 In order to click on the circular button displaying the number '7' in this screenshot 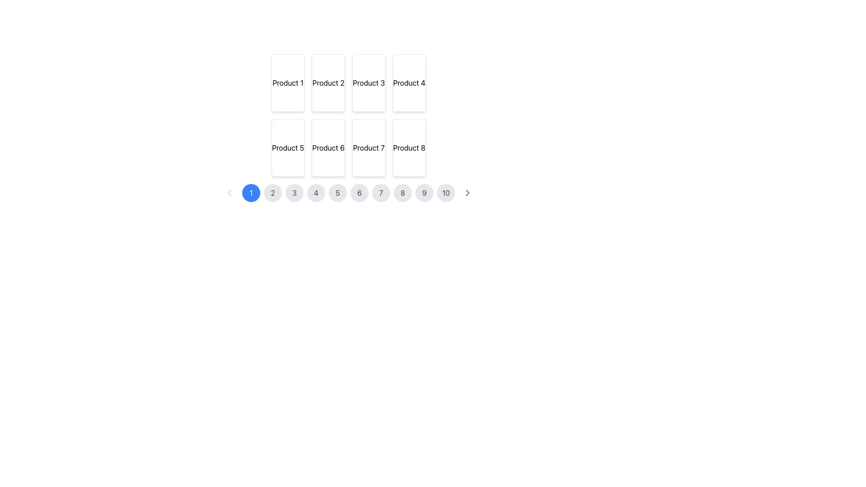, I will do `click(381, 193)`.